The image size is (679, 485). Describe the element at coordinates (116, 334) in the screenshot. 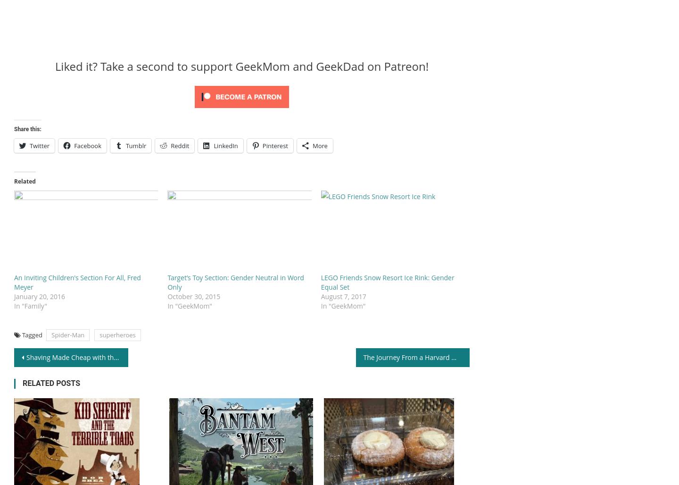

I see `'superheroes'` at that location.